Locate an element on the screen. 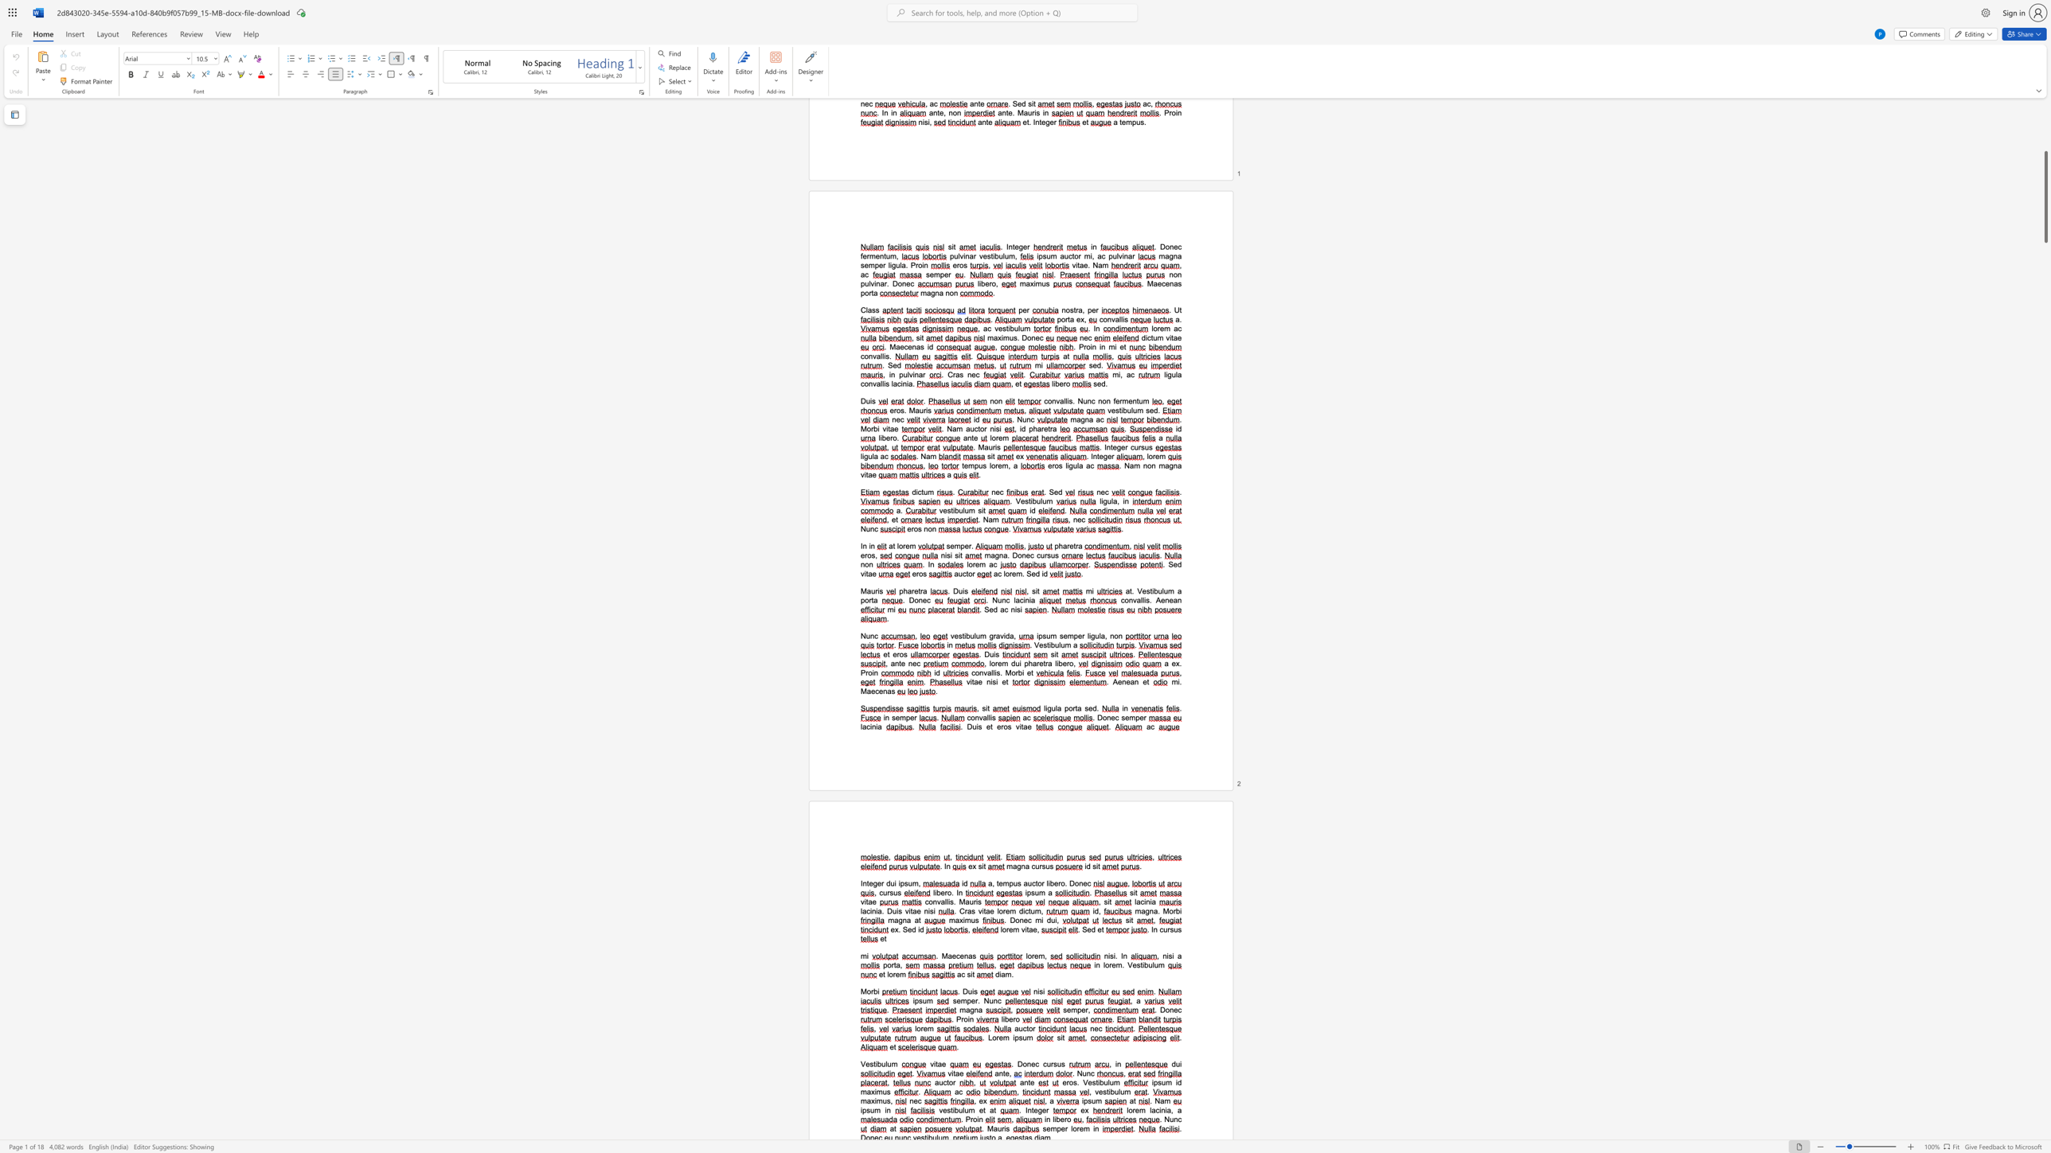 This screenshot has height=1153, width=2051. the space between the continuous character "a" and "e" in the text is located at coordinates (1026, 726).